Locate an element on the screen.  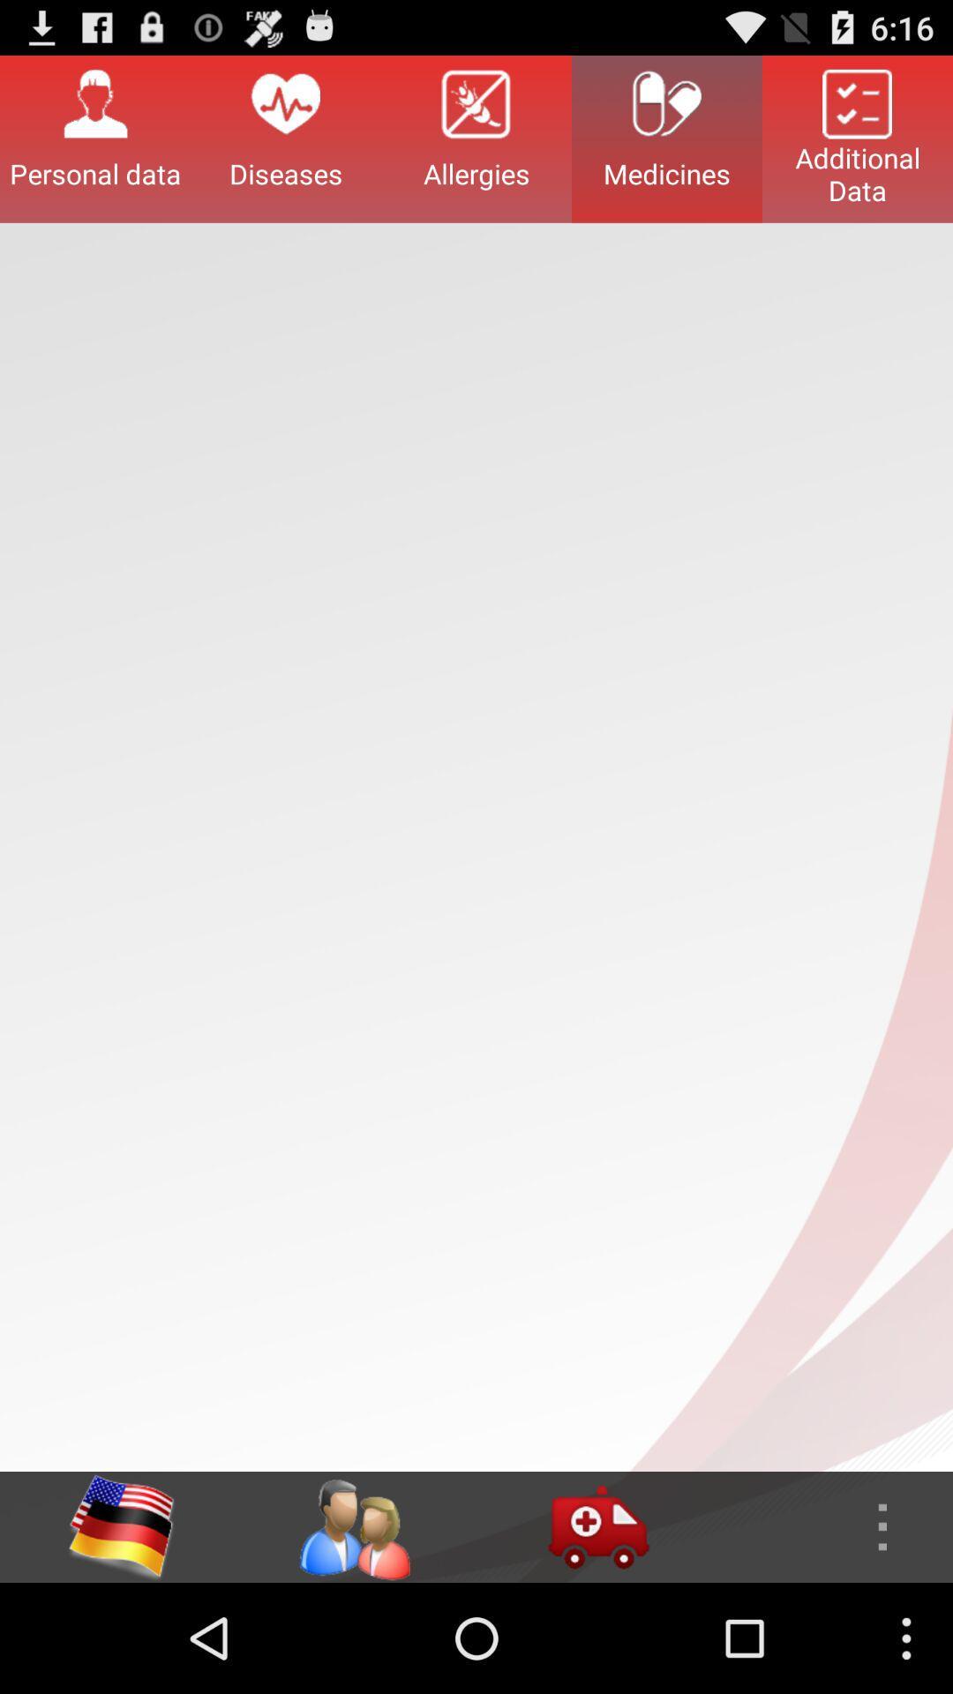
button to the right of the diseases icon is located at coordinates (476, 138).